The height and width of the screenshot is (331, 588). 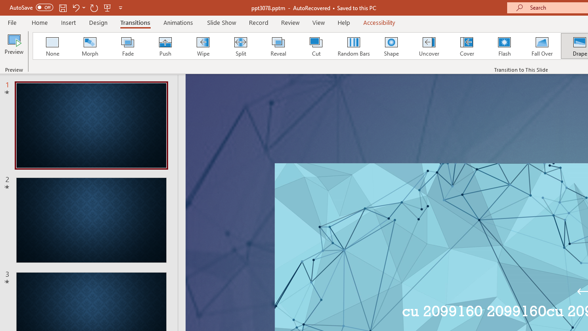 What do you see at coordinates (542, 46) in the screenshot?
I see `'Fall Over'` at bounding box center [542, 46].